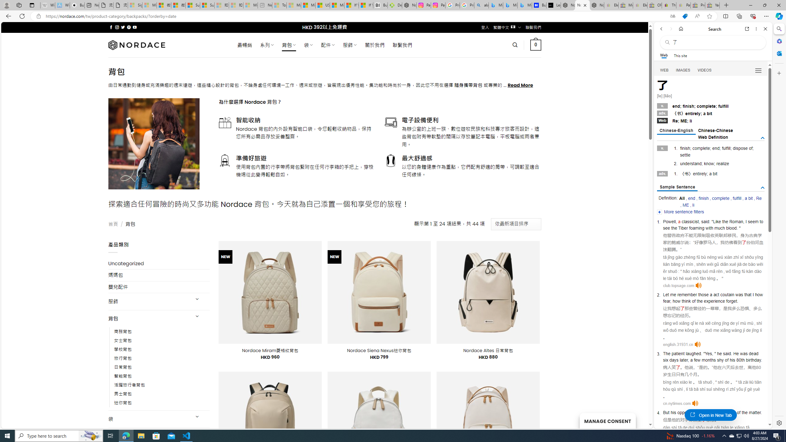  I want to click on 'fear', so click(666, 301).